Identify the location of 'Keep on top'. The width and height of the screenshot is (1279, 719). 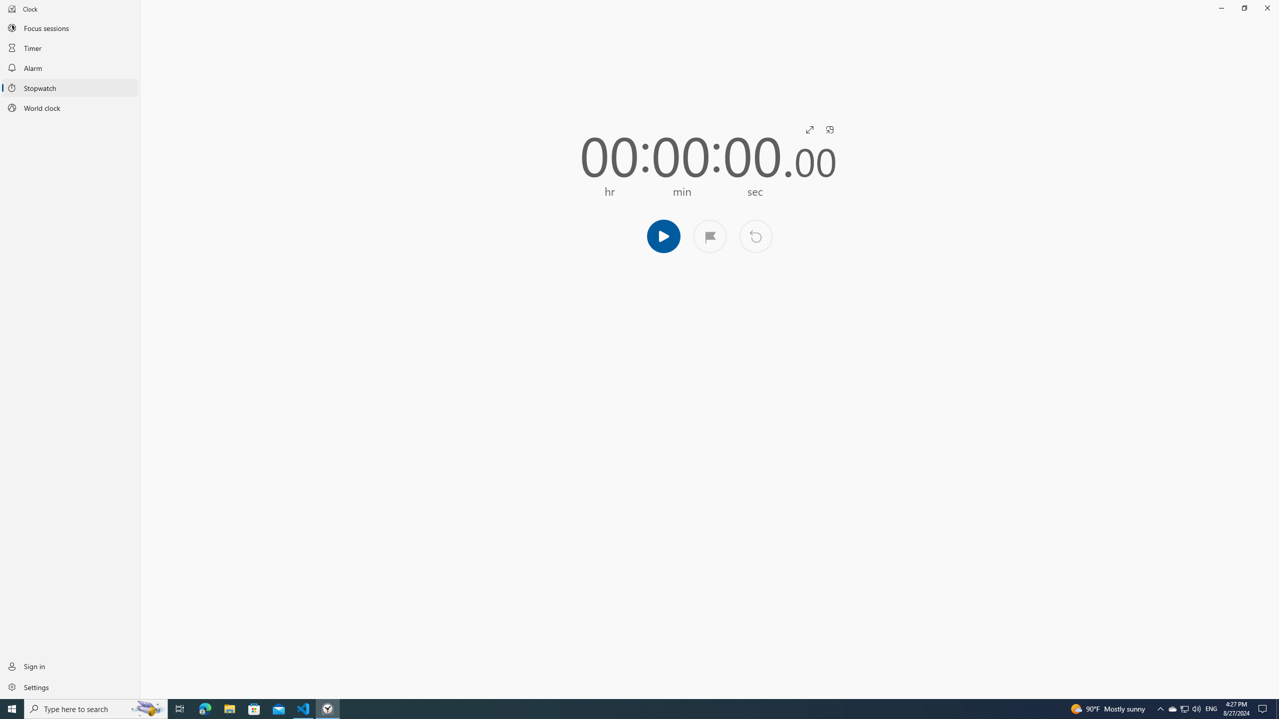
(829, 129).